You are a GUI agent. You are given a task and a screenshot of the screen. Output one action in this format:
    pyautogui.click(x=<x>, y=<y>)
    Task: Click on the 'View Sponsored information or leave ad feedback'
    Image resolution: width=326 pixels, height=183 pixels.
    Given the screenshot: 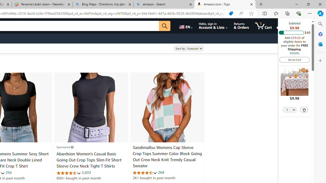 What is the action you would take?
    pyautogui.click(x=65, y=147)
    